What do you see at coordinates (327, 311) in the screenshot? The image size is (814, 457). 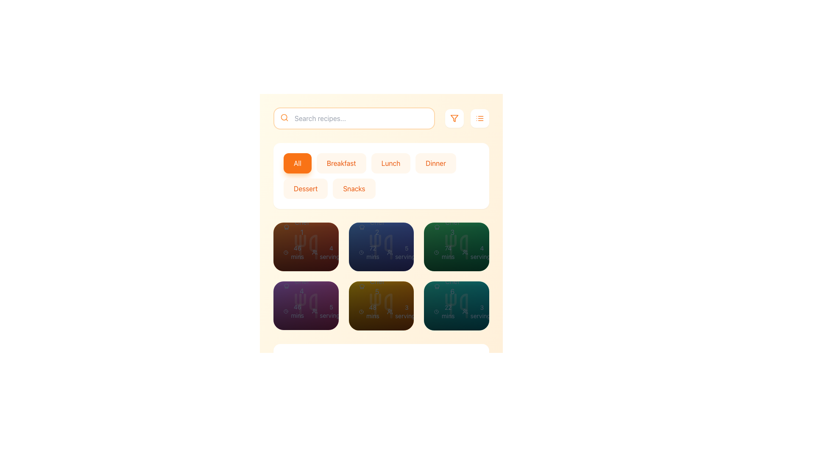 I see `the label displaying the number of servings associated with a recipe, located to the right of a user icon in the lower-left tile of the grid of recipe elements` at bounding box center [327, 311].